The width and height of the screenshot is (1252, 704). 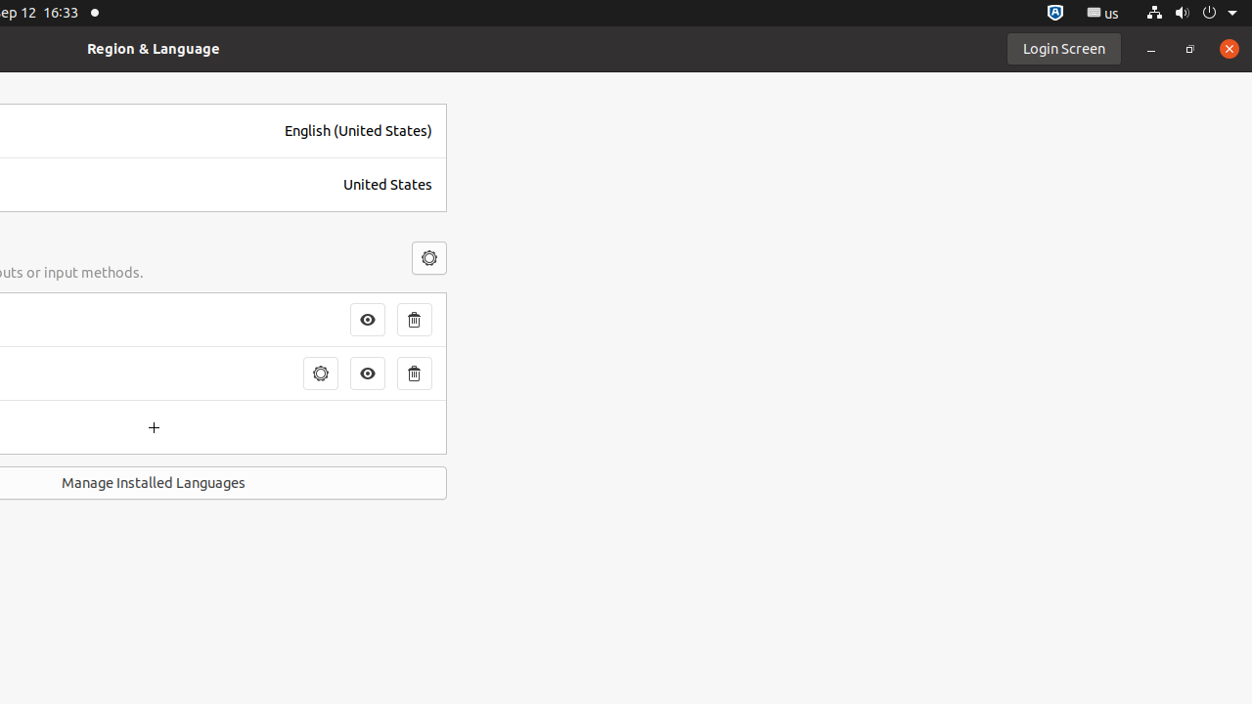 I want to click on 'Close', so click(x=1228, y=47).